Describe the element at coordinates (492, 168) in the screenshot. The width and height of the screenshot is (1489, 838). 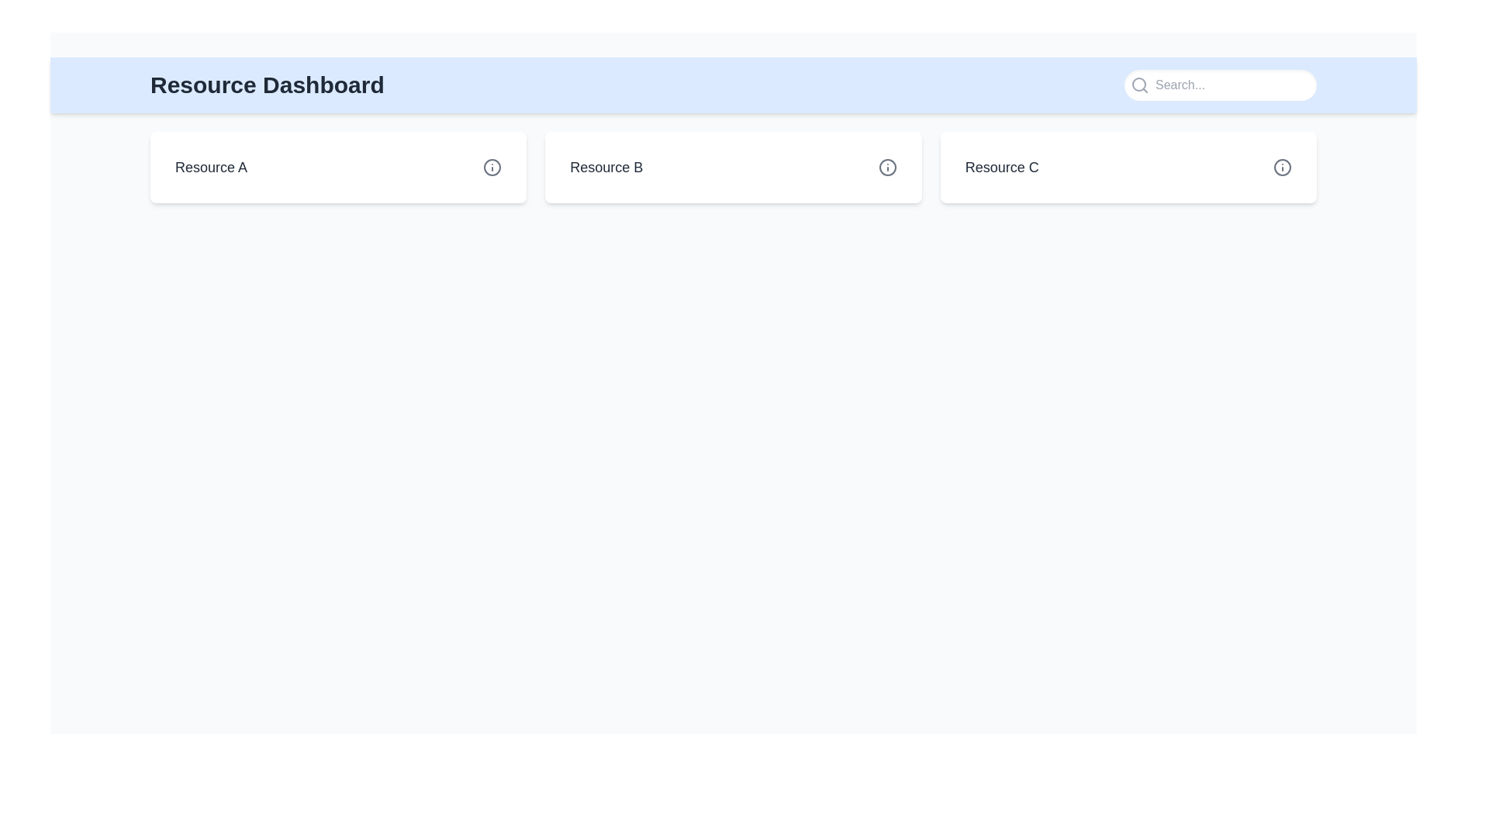
I see `the information icon located to the right of the text 'Resource A' to change its color` at that location.